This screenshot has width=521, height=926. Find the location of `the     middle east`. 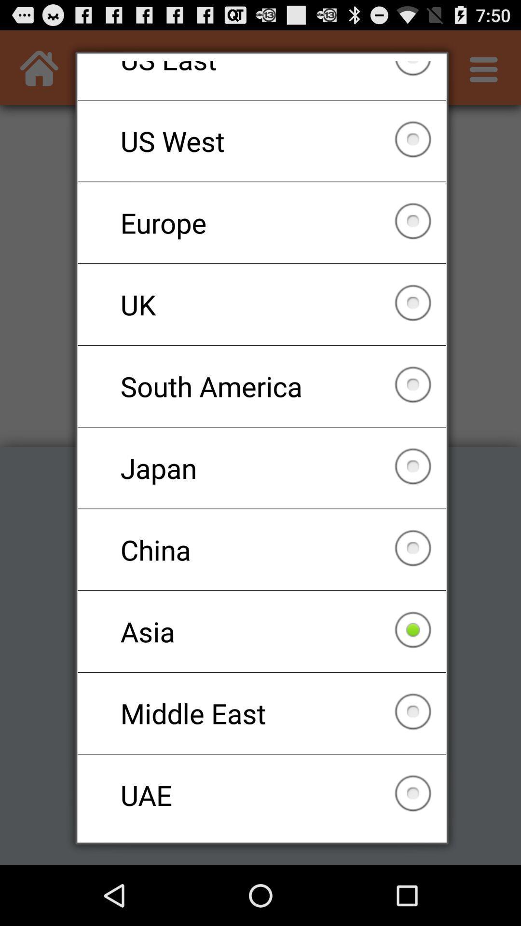

the     middle east is located at coordinates (261, 713).